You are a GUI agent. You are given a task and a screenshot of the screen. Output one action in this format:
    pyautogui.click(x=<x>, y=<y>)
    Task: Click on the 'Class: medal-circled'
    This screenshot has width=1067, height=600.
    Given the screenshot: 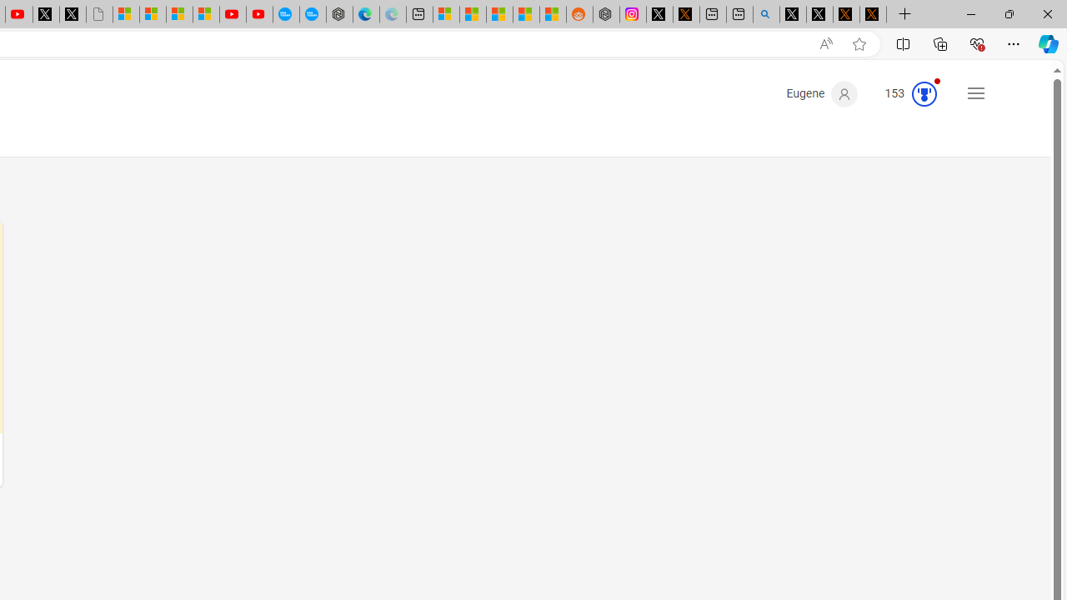 What is the action you would take?
    pyautogui.click(x=924, y=94)
    